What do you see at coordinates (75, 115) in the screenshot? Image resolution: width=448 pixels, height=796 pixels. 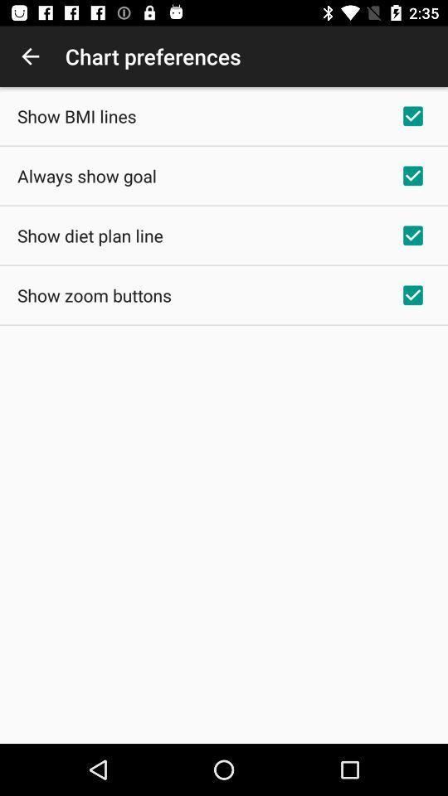 I see `the show bmi lines icon` at bounding box center [75, 115].